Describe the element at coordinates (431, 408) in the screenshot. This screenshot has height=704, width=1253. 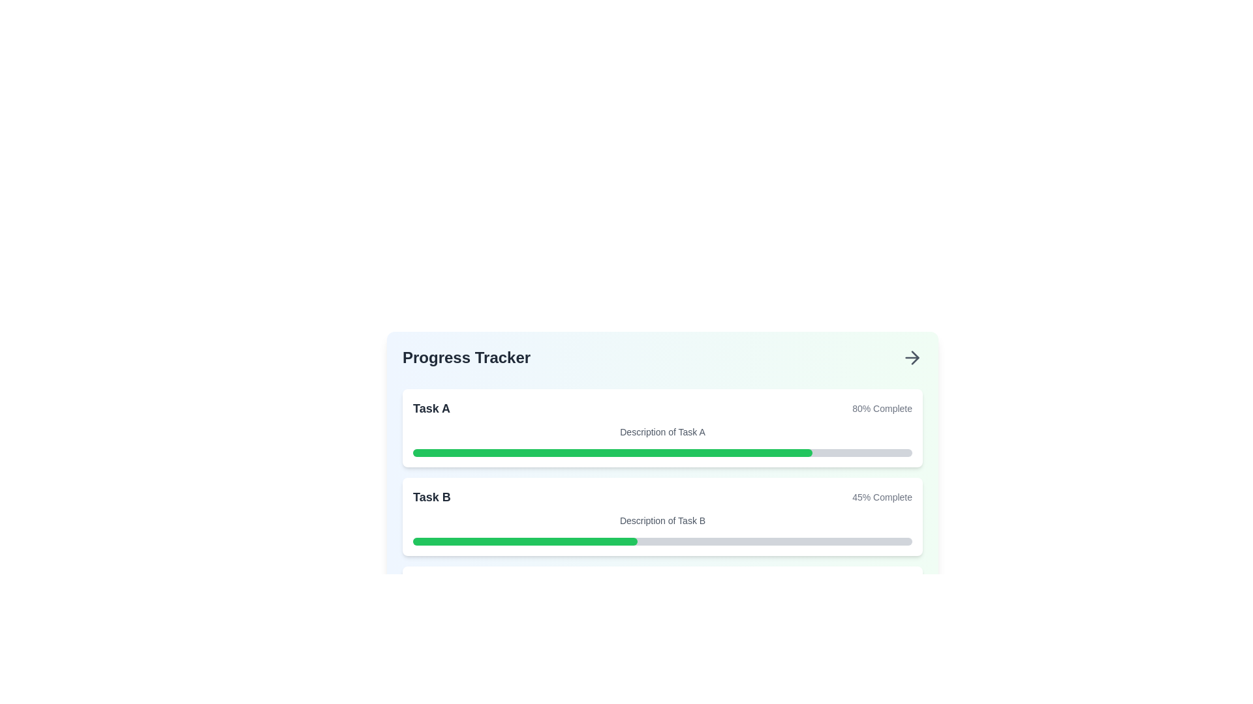
I see `prominent bold text 'Task A' located at the top-left corner of the 'Progress Tracker' section, styled in dark grey against a light background` at that location.